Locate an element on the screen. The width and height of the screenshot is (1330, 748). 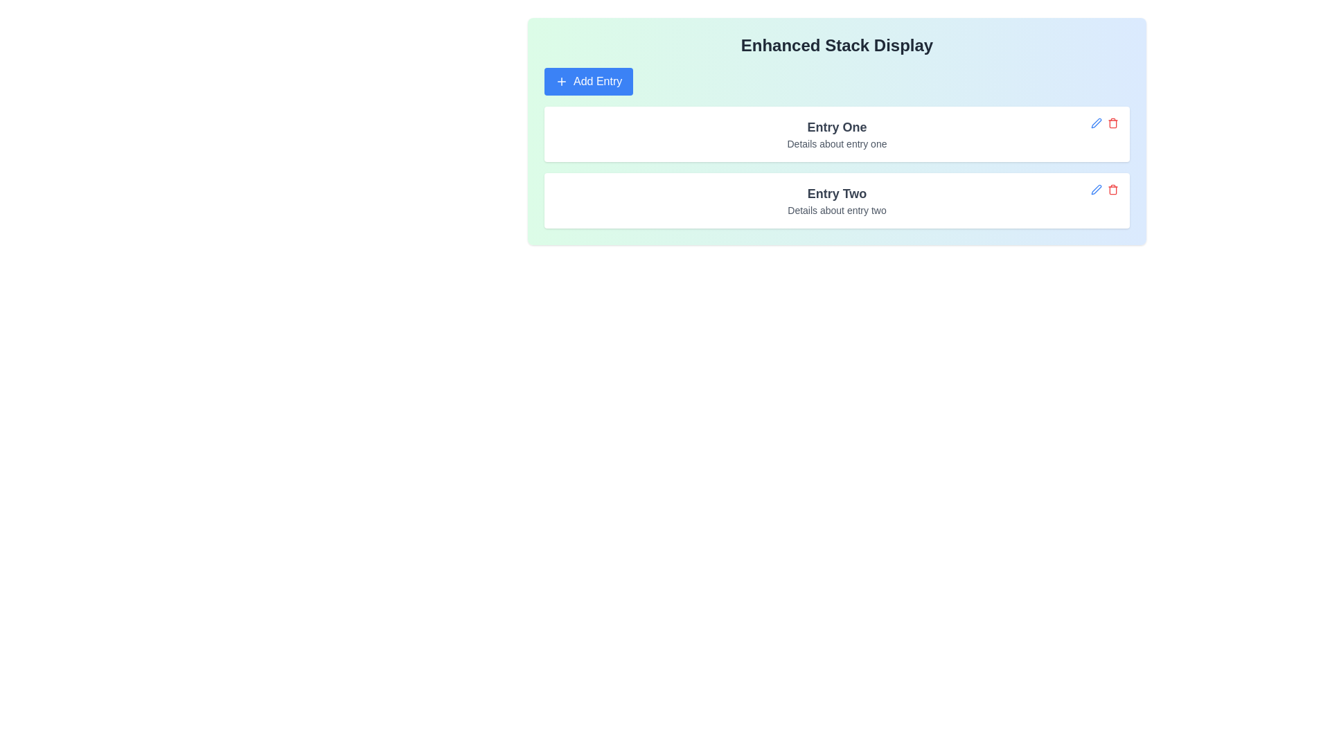
the text segment that reads 'Details about entry two', which is styled in a smaller grayish font and located directly below the title 'Entry Two' within the second card is located at coordinates (836, 211).